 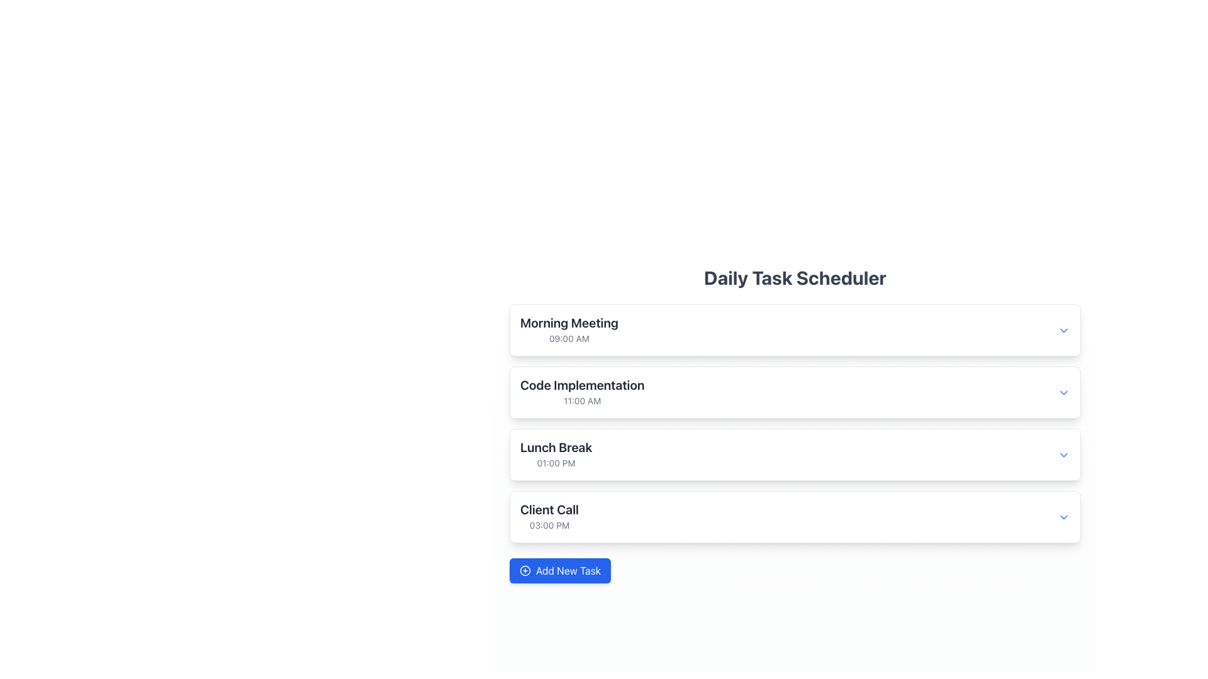 I want to click on the Dropdown Toggle Icon located at the rightmost side of the 'Client Call' entry row, next to '03:00 PM', to change its color, so click(x=1063, y=516).